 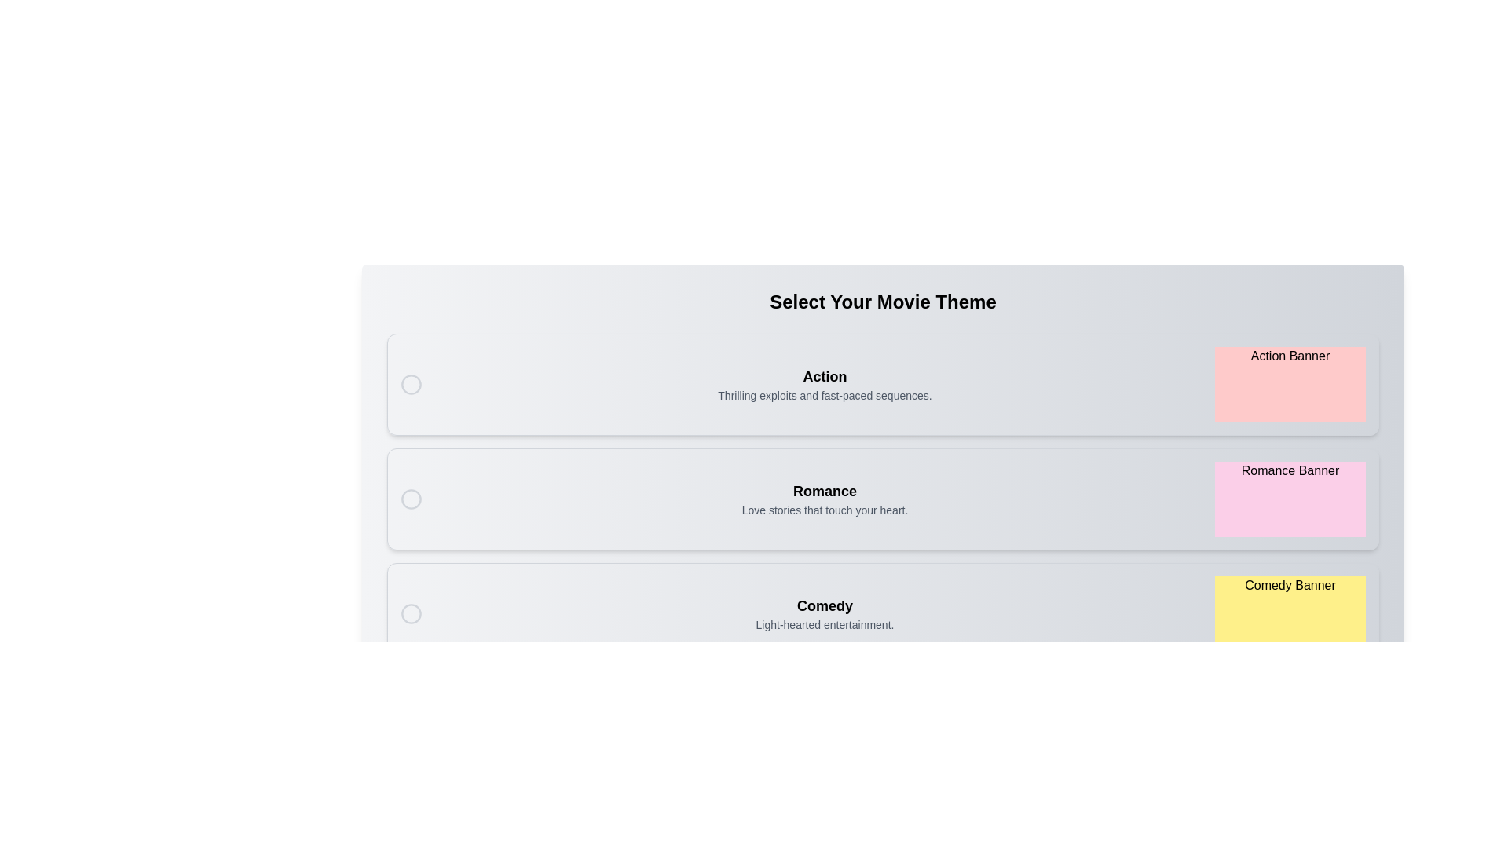 I want to click on descriptive text label located near the top center of the interface, providing details about the category titled 'Action', so click(x=824, y=395).